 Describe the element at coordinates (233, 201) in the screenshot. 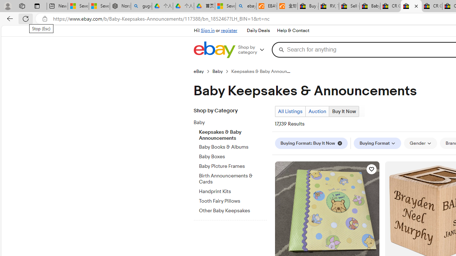

I see `'Tooth Fairy Pillows'` at that location.